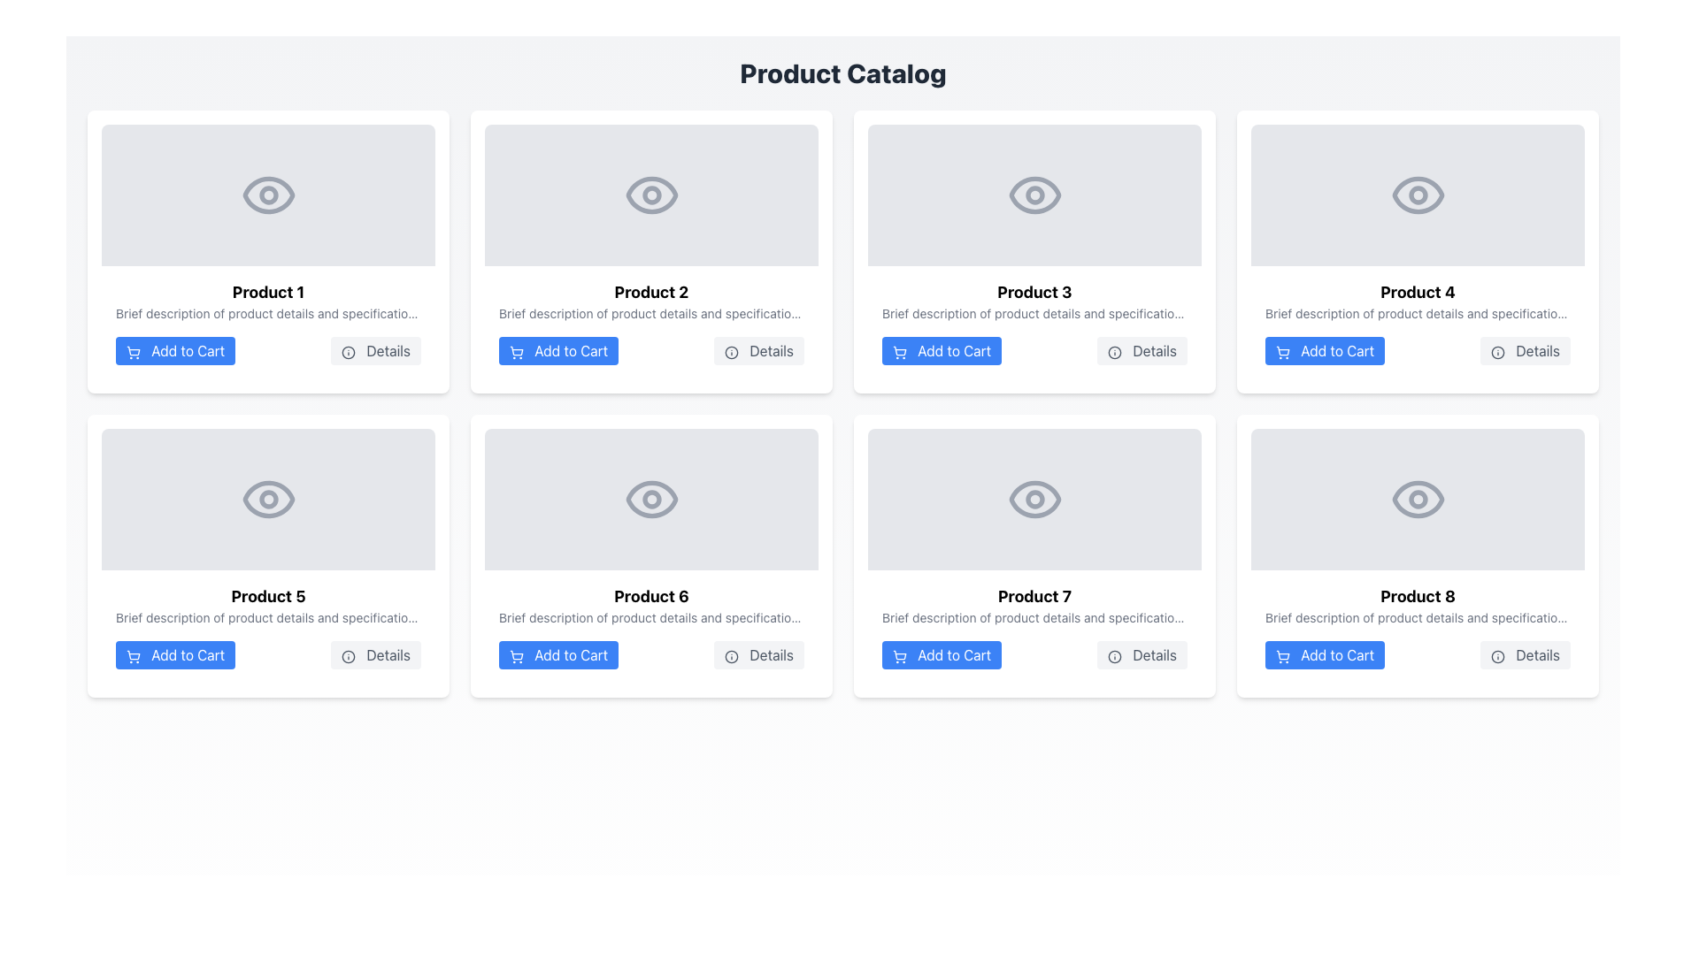 The height and width of the screenshot is (955, 1699). I want to click on the shopping cart icon within the 'Add to Cart' button for 'Product 7' in the product grid, so click(900, 655).